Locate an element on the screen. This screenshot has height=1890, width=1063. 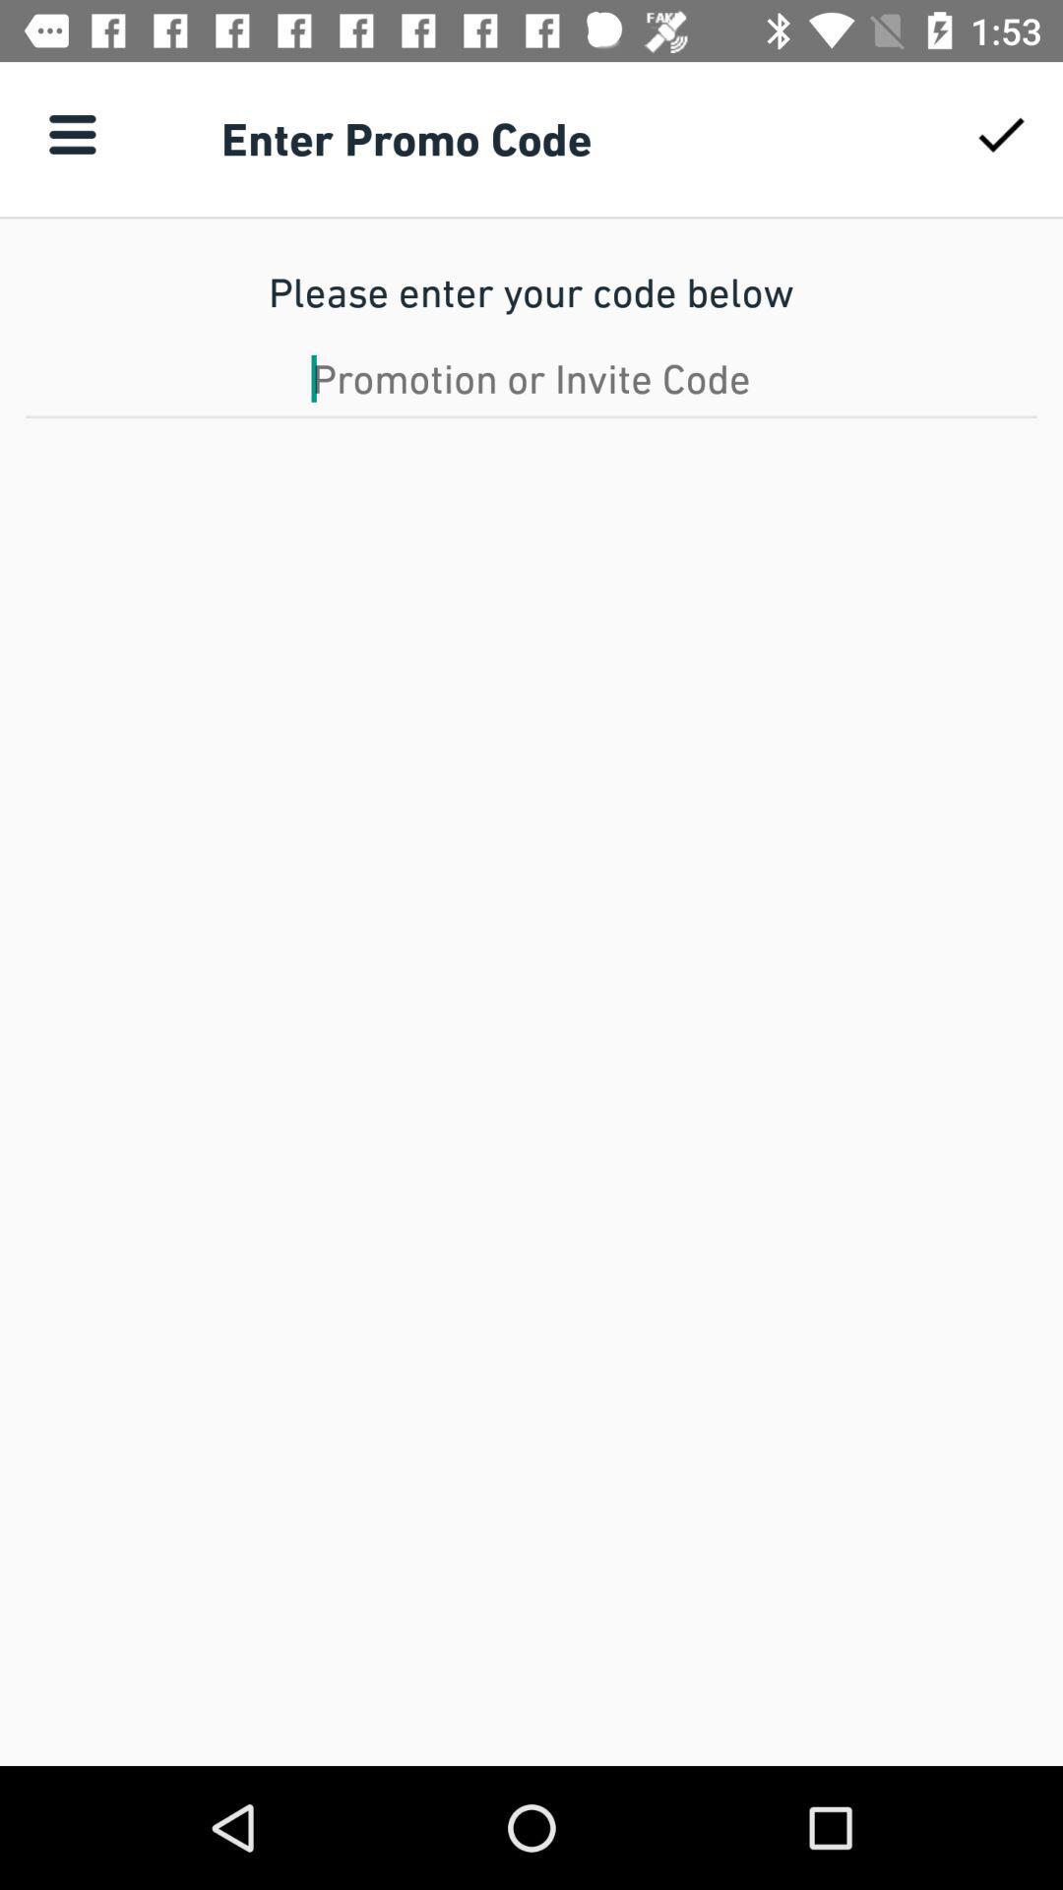
code is located at coordinates (531, 378).